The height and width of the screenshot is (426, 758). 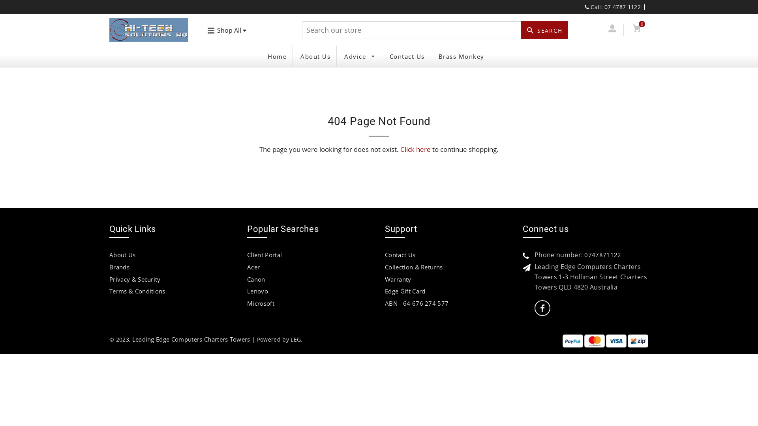 I want to click on 'Client Portal', so click(x=265, y=254).